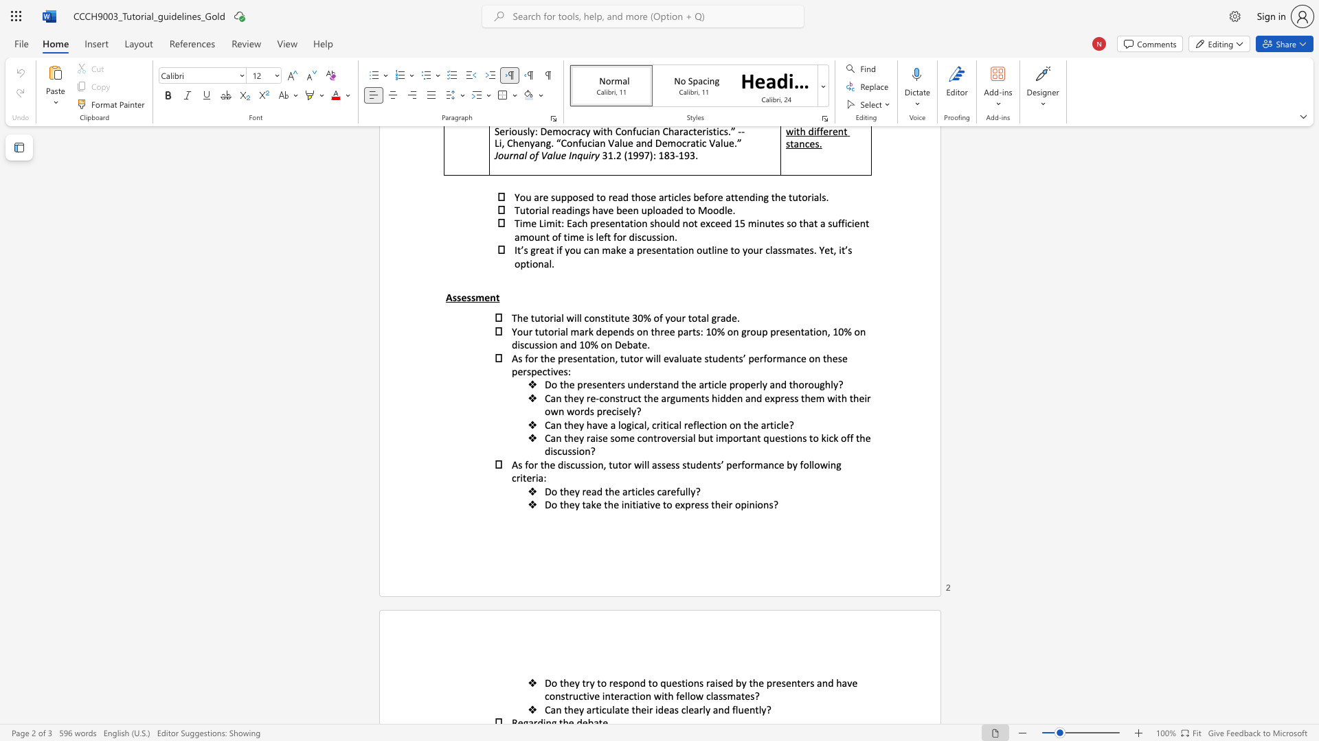 The width and height of the screenshot is (1319, 741). Describe the element at coordinates (603, 464) in the screenshot. I see `the subset text ", tutor will assess students’ performance by following cr" within the text "As for the discussion, tutor will assess students’ performance by following criteria:"` at that location.